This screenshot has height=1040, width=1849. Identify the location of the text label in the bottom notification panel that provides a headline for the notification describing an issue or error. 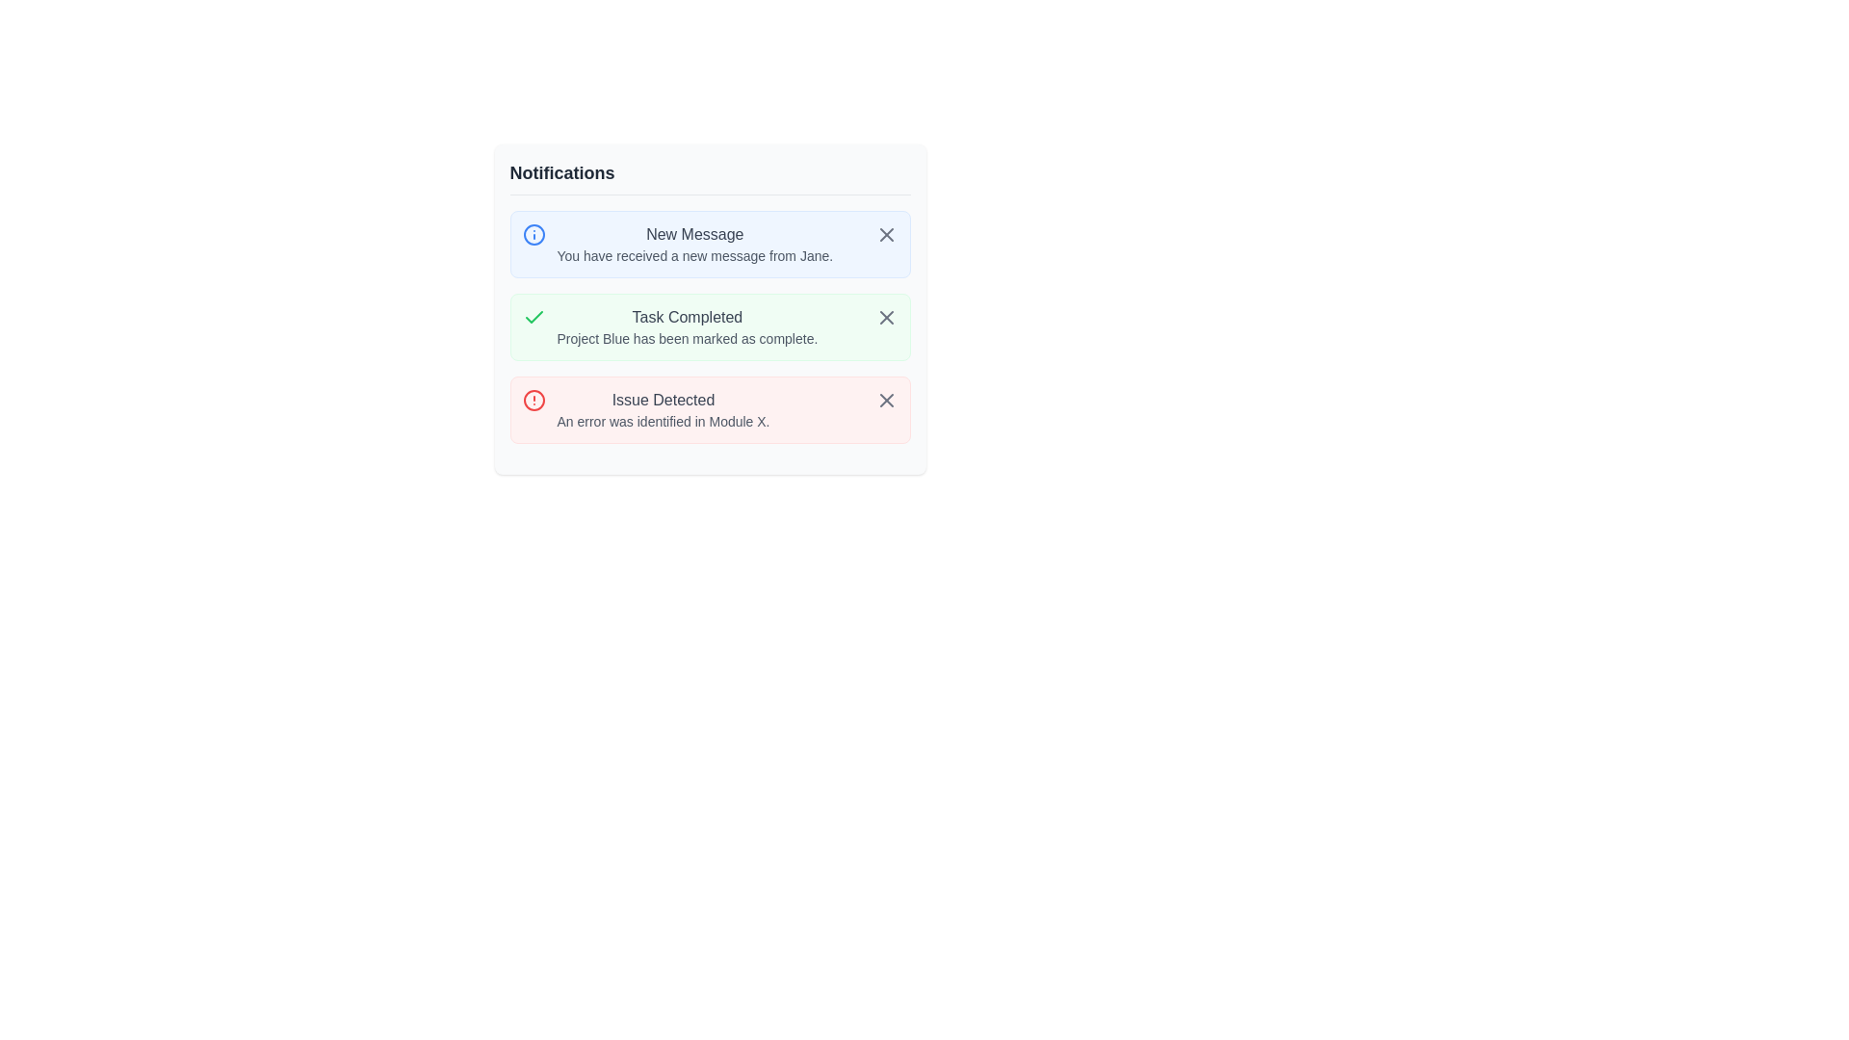
(664, 400).